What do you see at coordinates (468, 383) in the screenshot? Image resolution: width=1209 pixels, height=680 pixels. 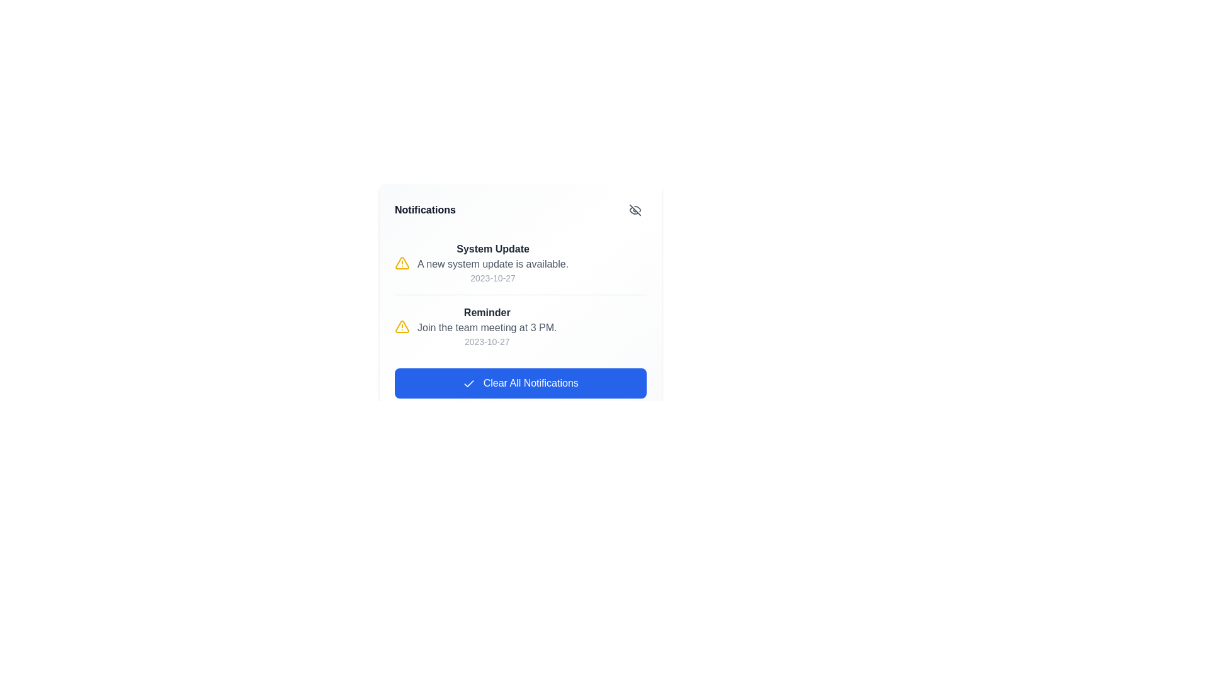 I see `the visual state of the checkmark icon located within the 'Clear All Notifications' button, which is styled in blue and white colors and has a rounded rectangular shape` at bounding box center [468, 383].